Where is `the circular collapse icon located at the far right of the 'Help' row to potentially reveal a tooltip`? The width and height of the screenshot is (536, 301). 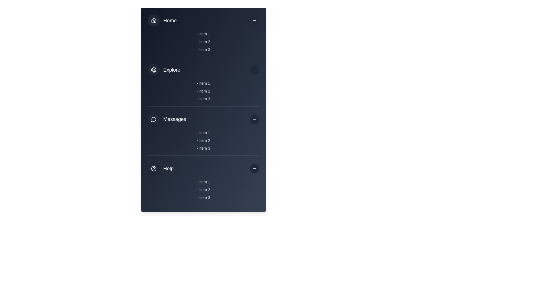 the circular collapse icon located at the far right of the 'Help' row to potentially reveal a tooltip is located at coordinates (254, 168).